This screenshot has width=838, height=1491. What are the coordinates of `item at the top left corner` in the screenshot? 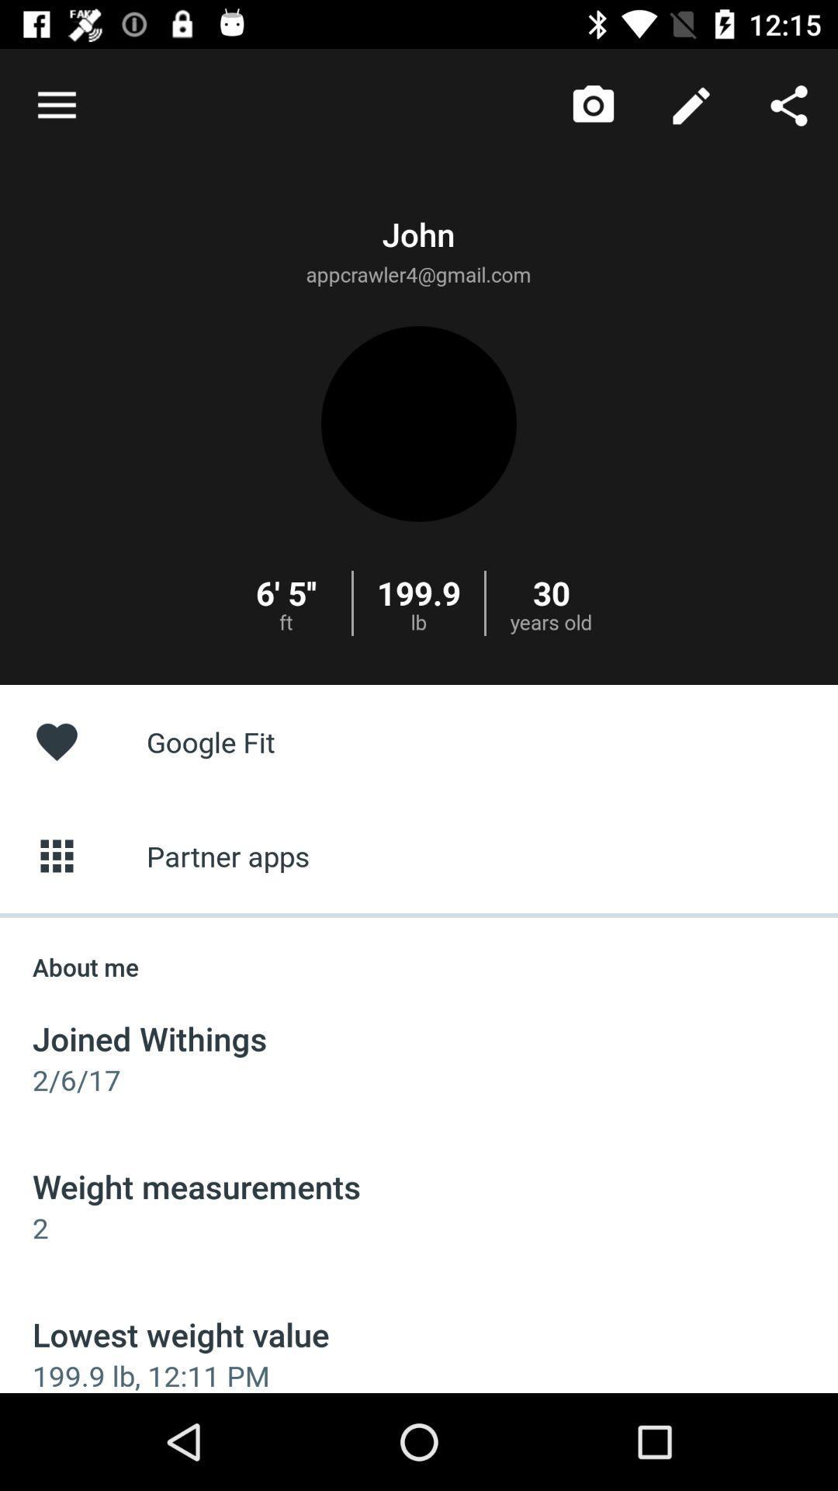 It's located at (56, 105).